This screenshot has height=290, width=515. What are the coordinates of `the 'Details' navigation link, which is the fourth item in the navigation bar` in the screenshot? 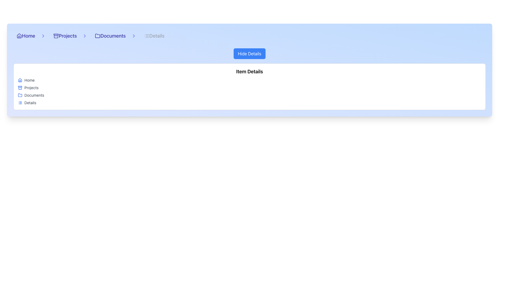 It's located at (154, 36).